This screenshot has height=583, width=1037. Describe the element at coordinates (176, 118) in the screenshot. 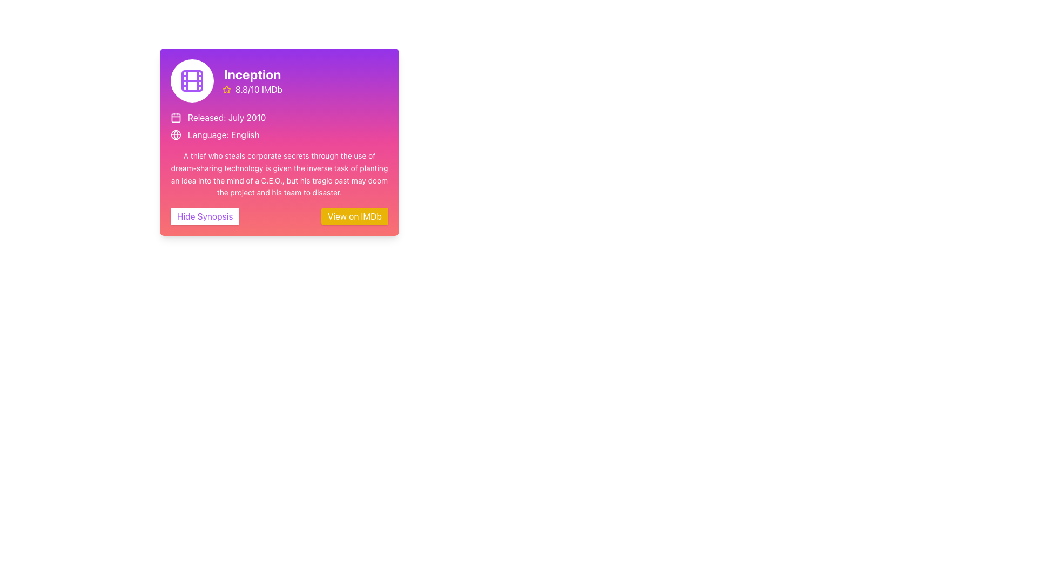

I see `the calendar icon representing the 'release date' located to the left of the 'Released: July 2010' text` at that location.